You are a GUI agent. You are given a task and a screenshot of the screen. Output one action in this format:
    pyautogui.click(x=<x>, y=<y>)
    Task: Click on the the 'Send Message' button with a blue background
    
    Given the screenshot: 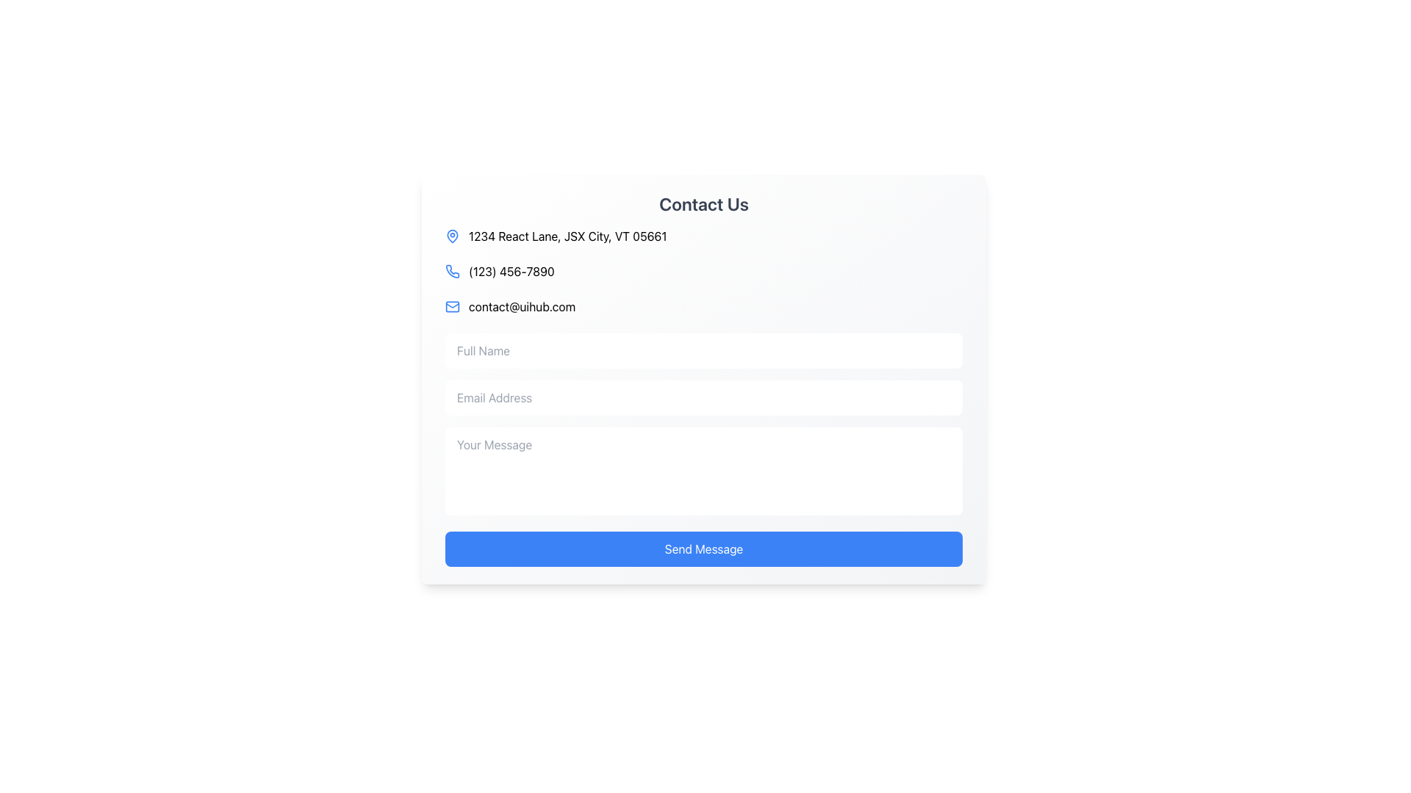 What is the action you would take?
    pyautogui.click(x=703, y=549)
    